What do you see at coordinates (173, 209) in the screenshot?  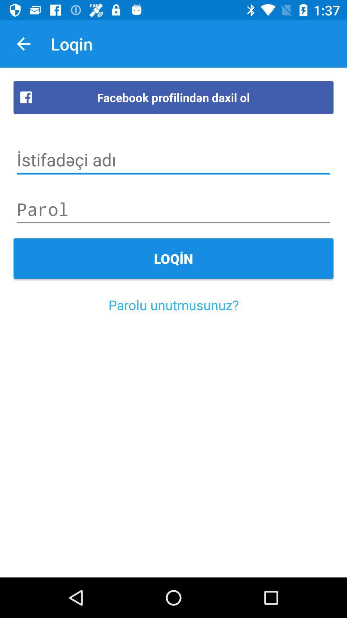 I see `your password` at bounding box center [173, 209].